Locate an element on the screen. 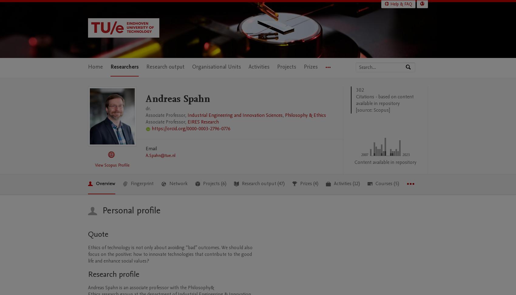 The height and width of the screenshot is (295, 516). 'Ethics of technology is not only about avoiding “bad” outcomes. We should also focus on the positive: how to innovate technologies that contribute to the good life and enhance social values?' is located at coordinates (170, 253).